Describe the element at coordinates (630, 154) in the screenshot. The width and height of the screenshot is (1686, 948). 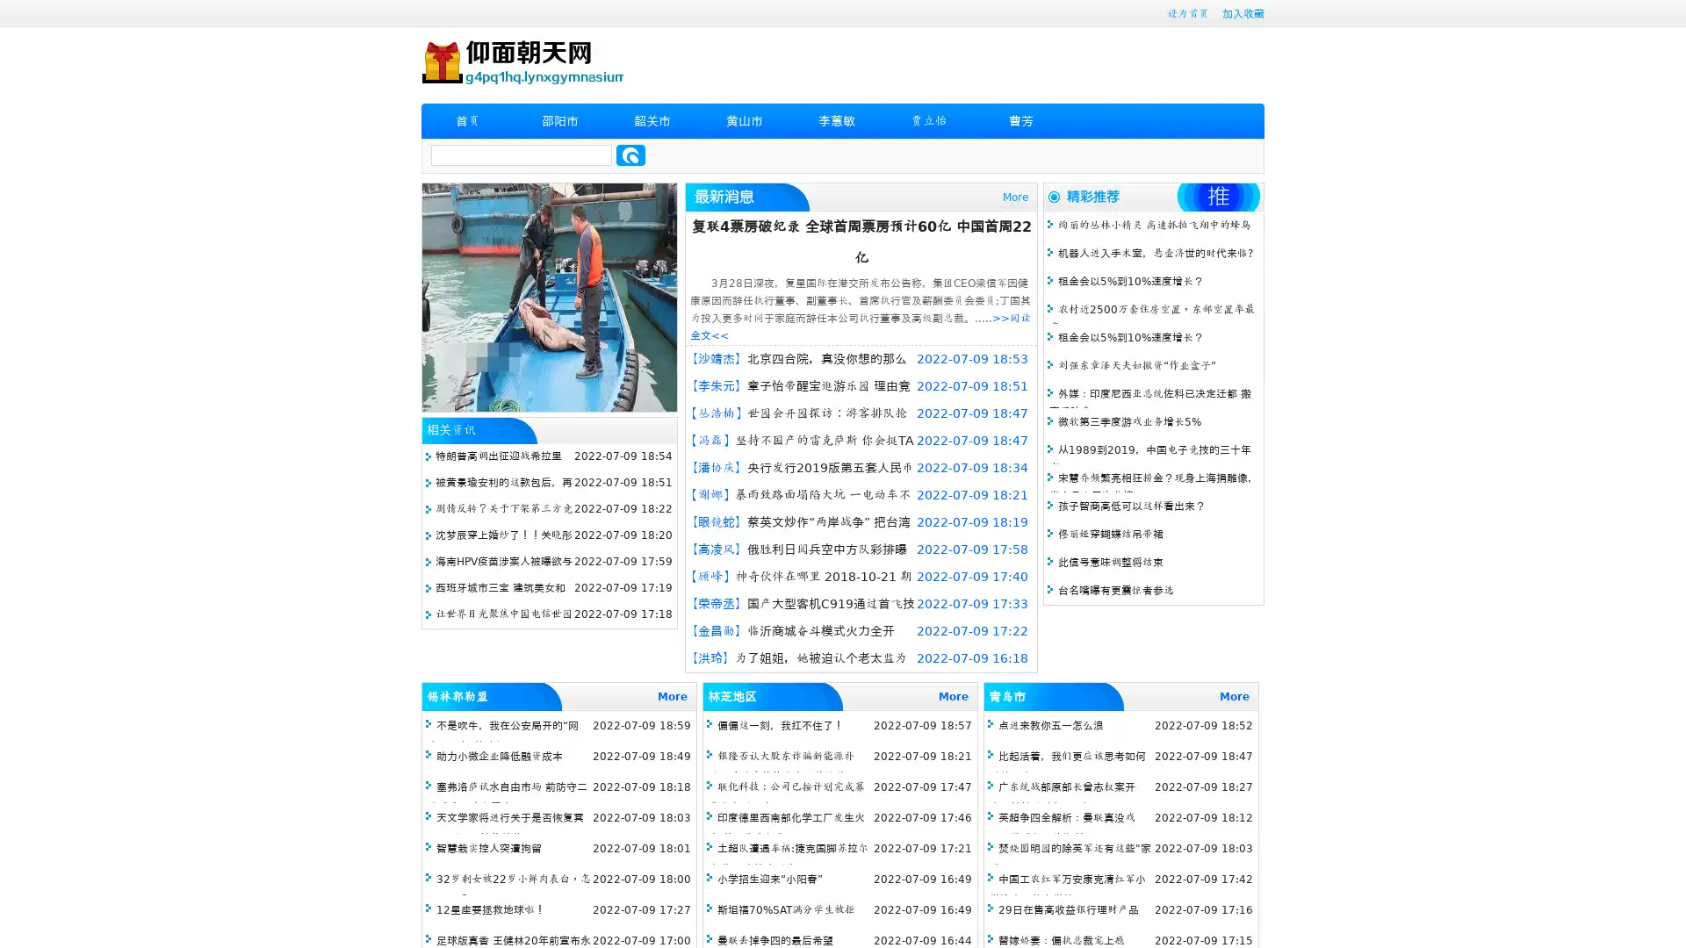
I see `Search` at that location.